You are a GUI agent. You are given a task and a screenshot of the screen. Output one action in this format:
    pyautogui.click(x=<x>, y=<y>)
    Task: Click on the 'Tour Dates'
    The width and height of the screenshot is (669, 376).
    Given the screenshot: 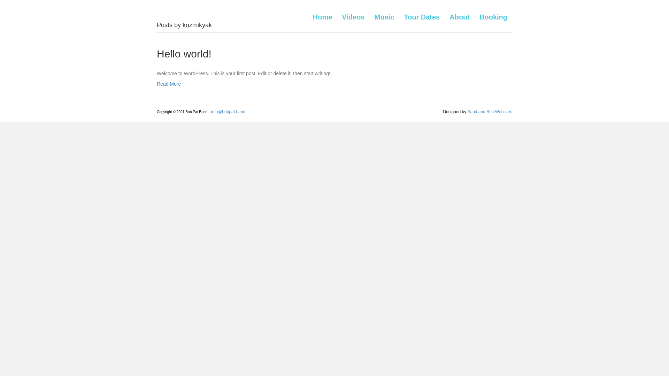 What is the action you would take?
    pyautogui.click(x=399, y=17)
    